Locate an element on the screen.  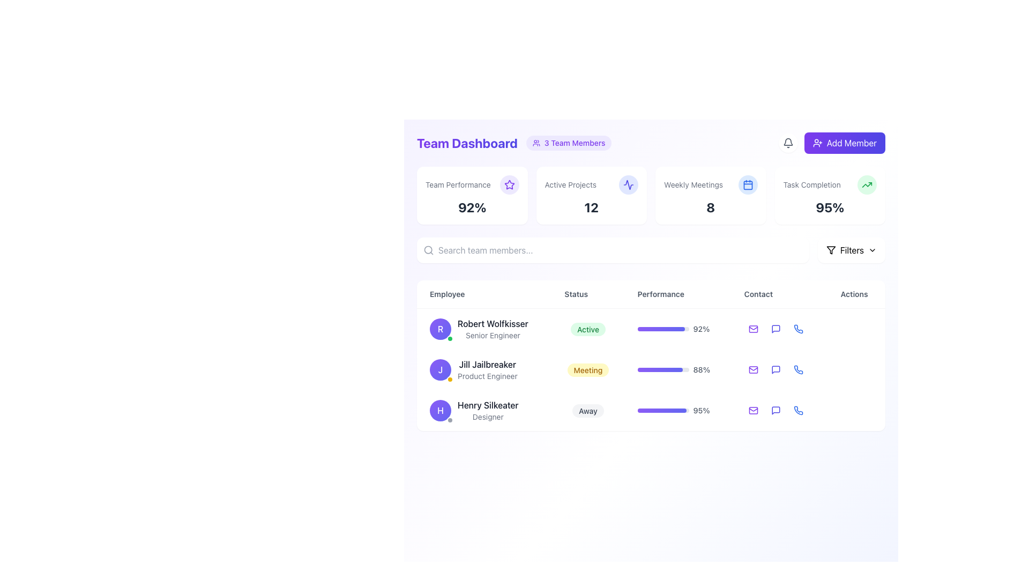
the text label 'Robert Wolfkisser' in the 'Employee' table on the 'Team Dashboard' interface is located at coordinates (492, 323).